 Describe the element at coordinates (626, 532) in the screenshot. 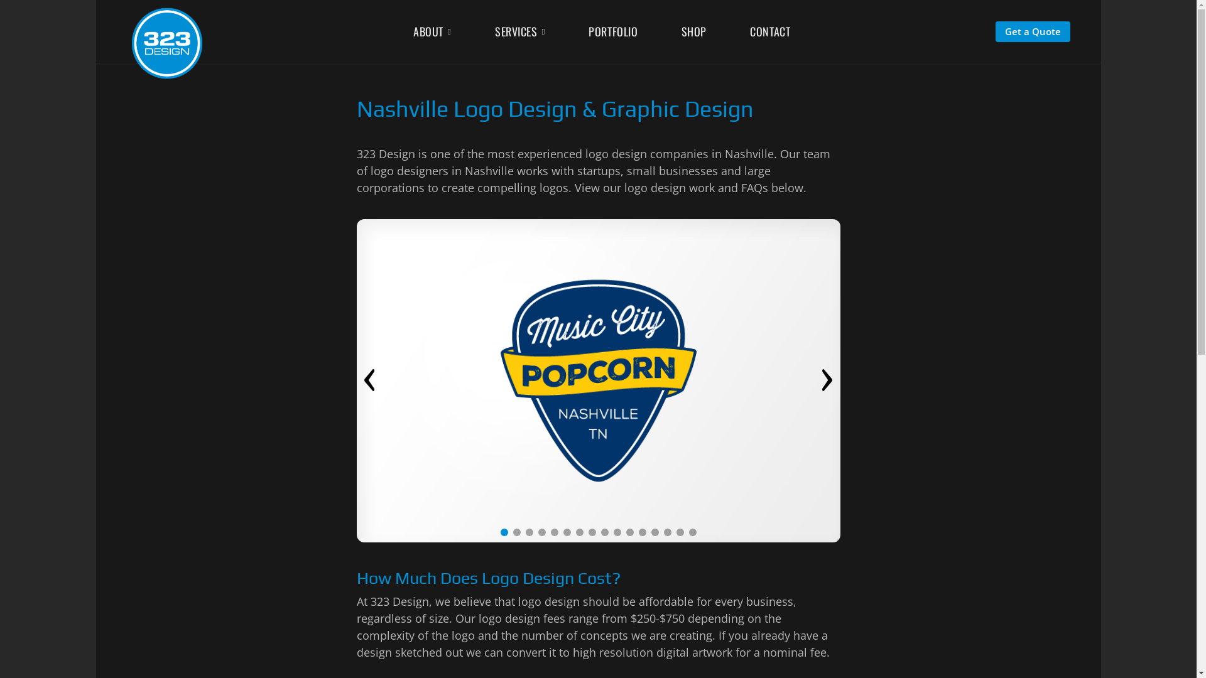

I see `'11'` at that location.